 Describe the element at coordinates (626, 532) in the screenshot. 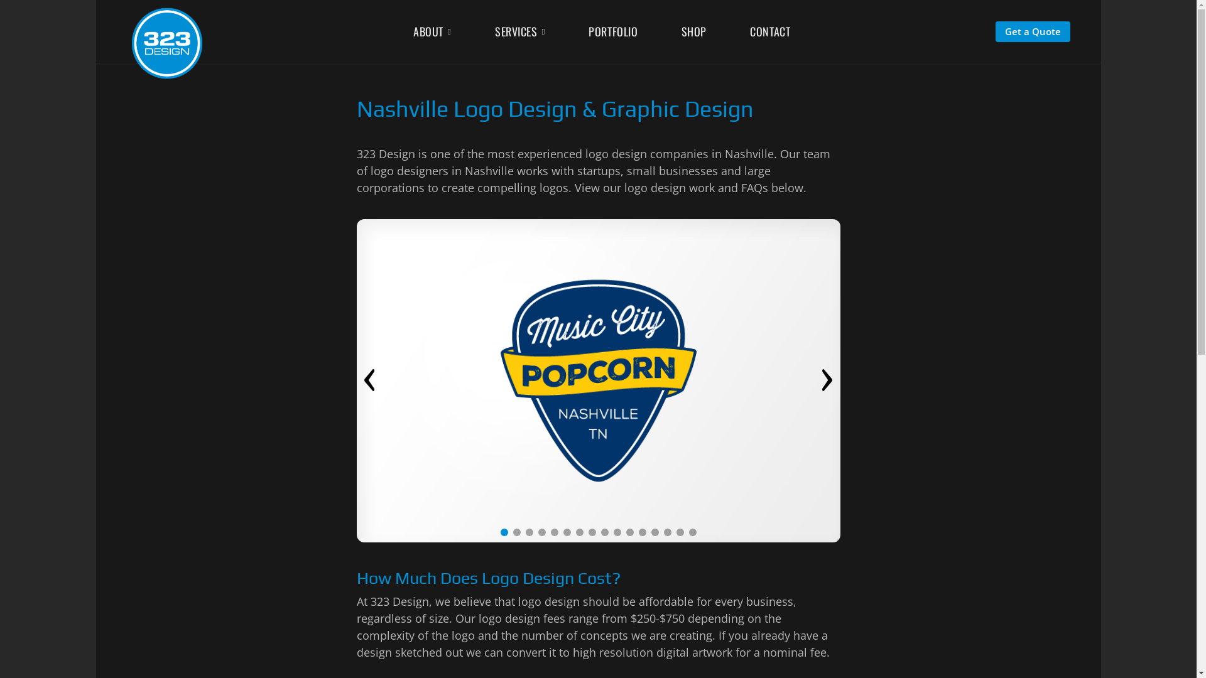

I see `'11'` at that location.